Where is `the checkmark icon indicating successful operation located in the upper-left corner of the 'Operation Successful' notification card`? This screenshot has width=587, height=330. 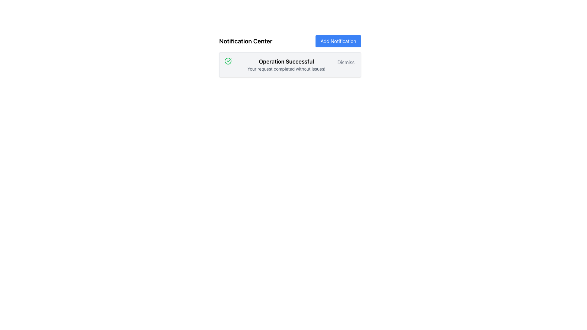 the checkmark icon indicating successful operation located in the upper-left corner of the 'Operation Successful' notification card is located at coordinates (229, 60).